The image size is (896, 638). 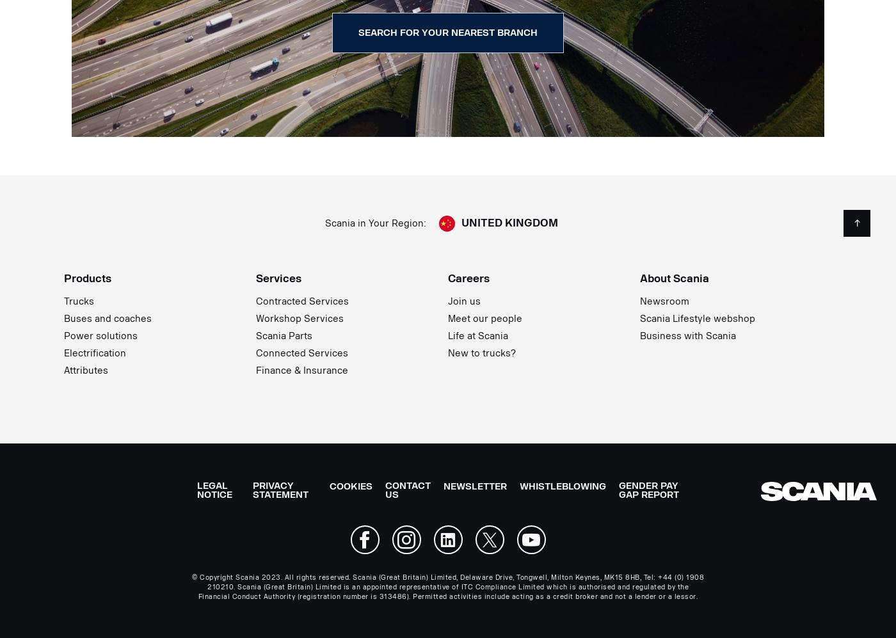 What do you see at coordinates (468, 278) in the screenshot?
I see `'Careers'` at bounding box center [468, 278].